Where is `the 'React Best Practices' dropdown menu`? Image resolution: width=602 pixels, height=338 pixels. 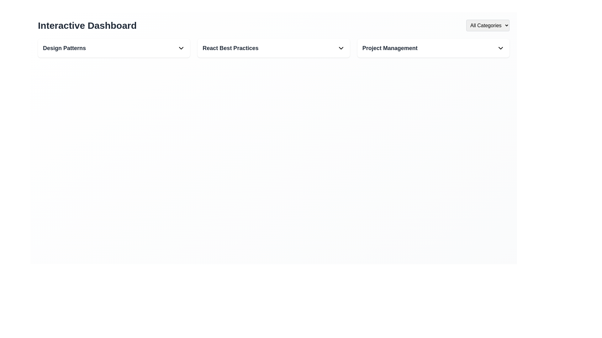 the 'React Best Practices' dropdown menu is located at coordinates (274, 48).